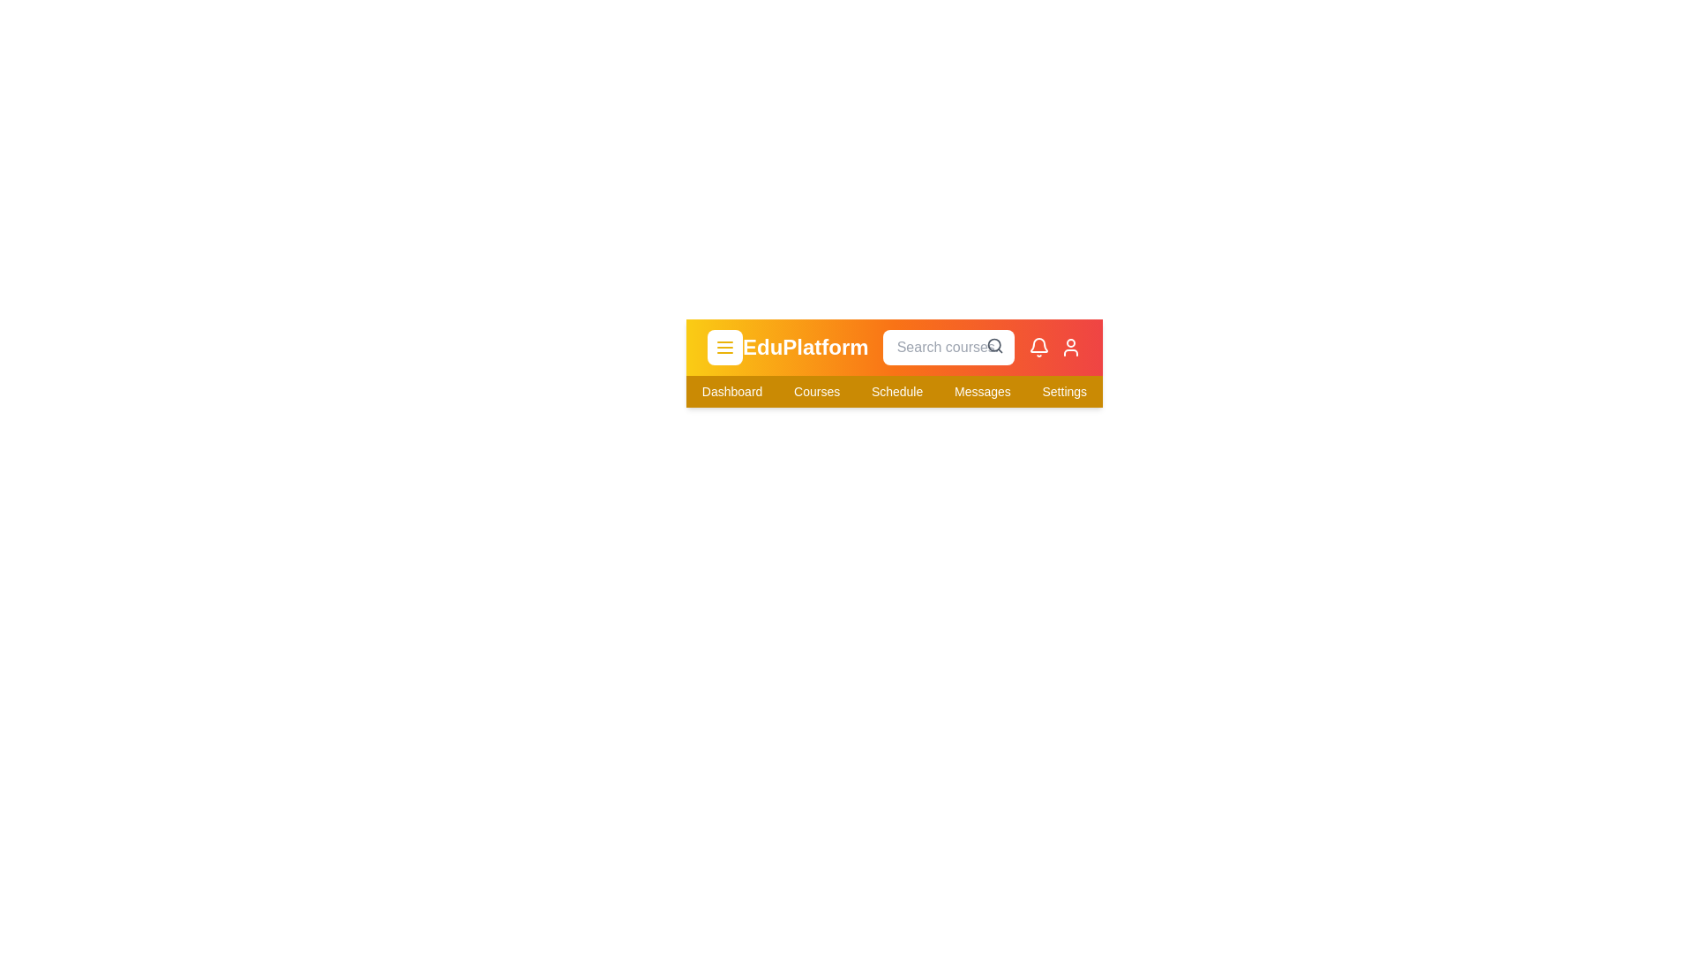 Image resolution: width=1694 pixels, height=953 pixels. What do you see at coordinates (981, 390) in the screenshot?
I see `the navigation item Messages` at bounding box center [981, 390].